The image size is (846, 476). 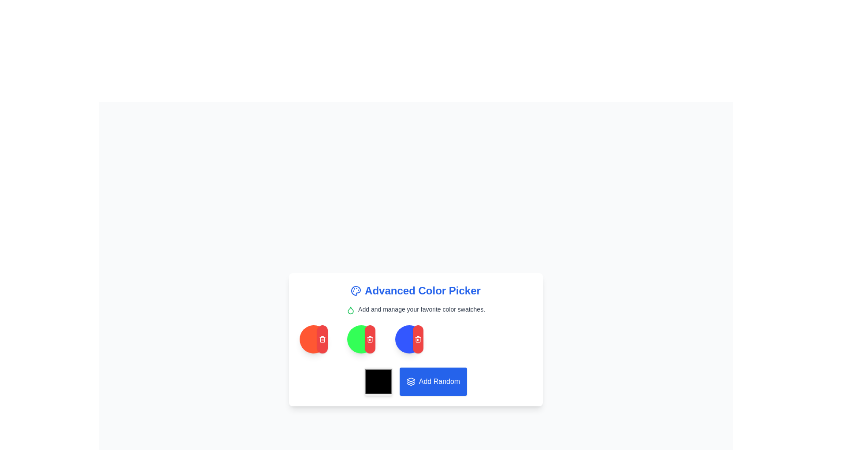 What do you see at coordinates (415, 309) in the screenshot?
I see `text label providing information about managing color swatches, located below the 'Advanced Color Picker' heading and above the color swatches section` at bounding box center [415, 309].